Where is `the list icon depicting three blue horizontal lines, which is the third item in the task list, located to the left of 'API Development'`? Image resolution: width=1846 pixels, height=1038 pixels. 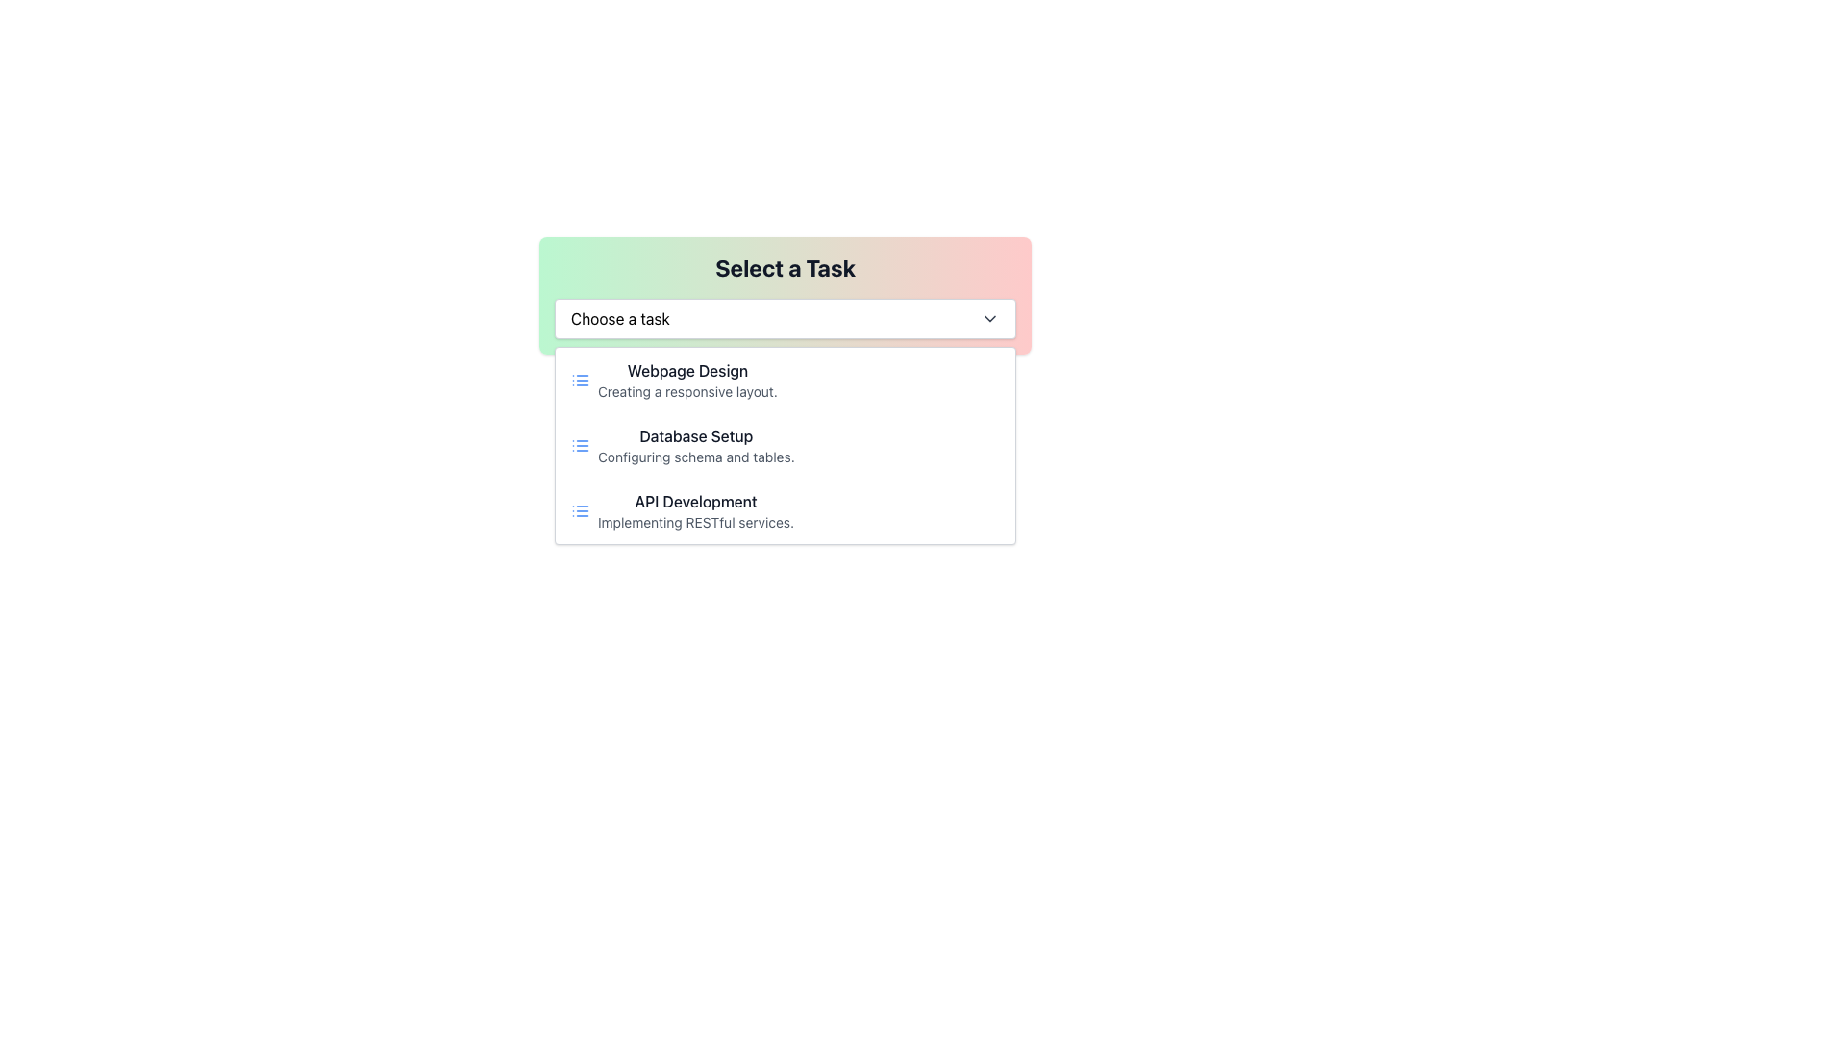
the list icon depicting three blue horizontal lines, which is the third item in the task list, located to the left of 'API Development' is located at coordinates (580, 510).